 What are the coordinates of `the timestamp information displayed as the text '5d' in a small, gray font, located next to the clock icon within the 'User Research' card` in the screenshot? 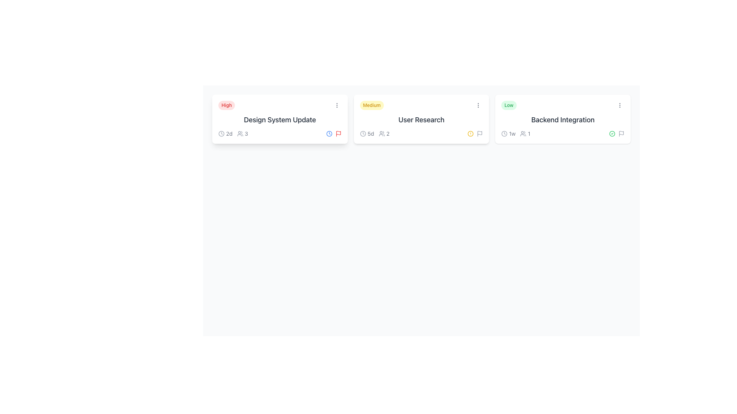 It's located at (367, 133).